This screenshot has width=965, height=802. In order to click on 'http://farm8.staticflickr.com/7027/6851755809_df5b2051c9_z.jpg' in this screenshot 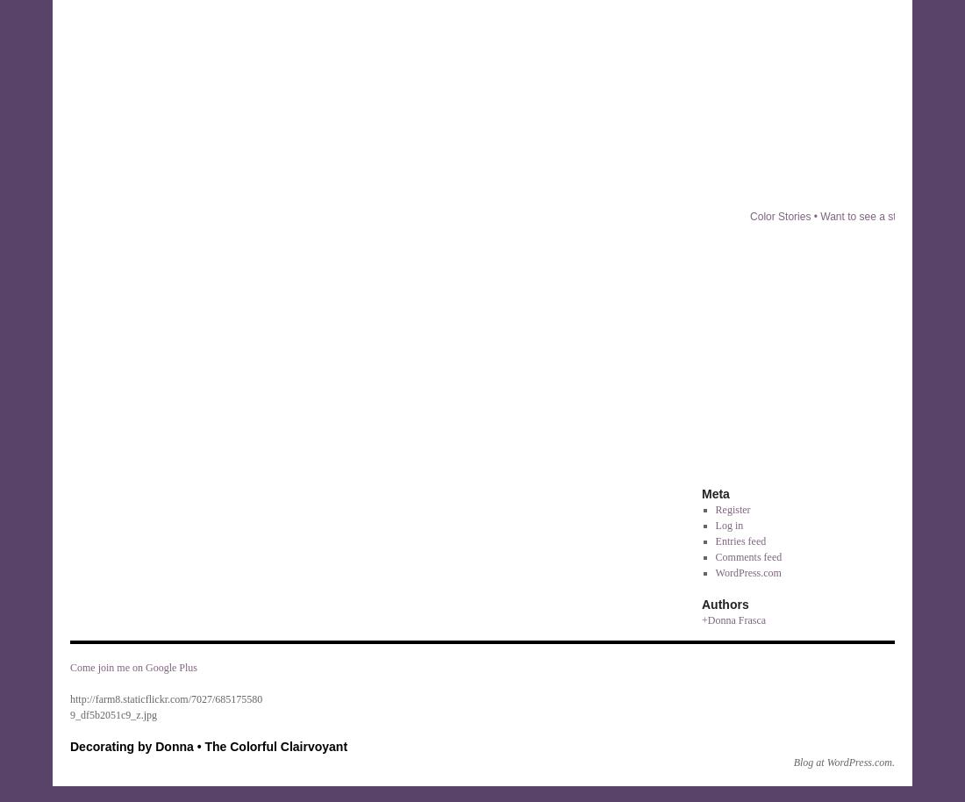, I will do `click(165, 705)`.